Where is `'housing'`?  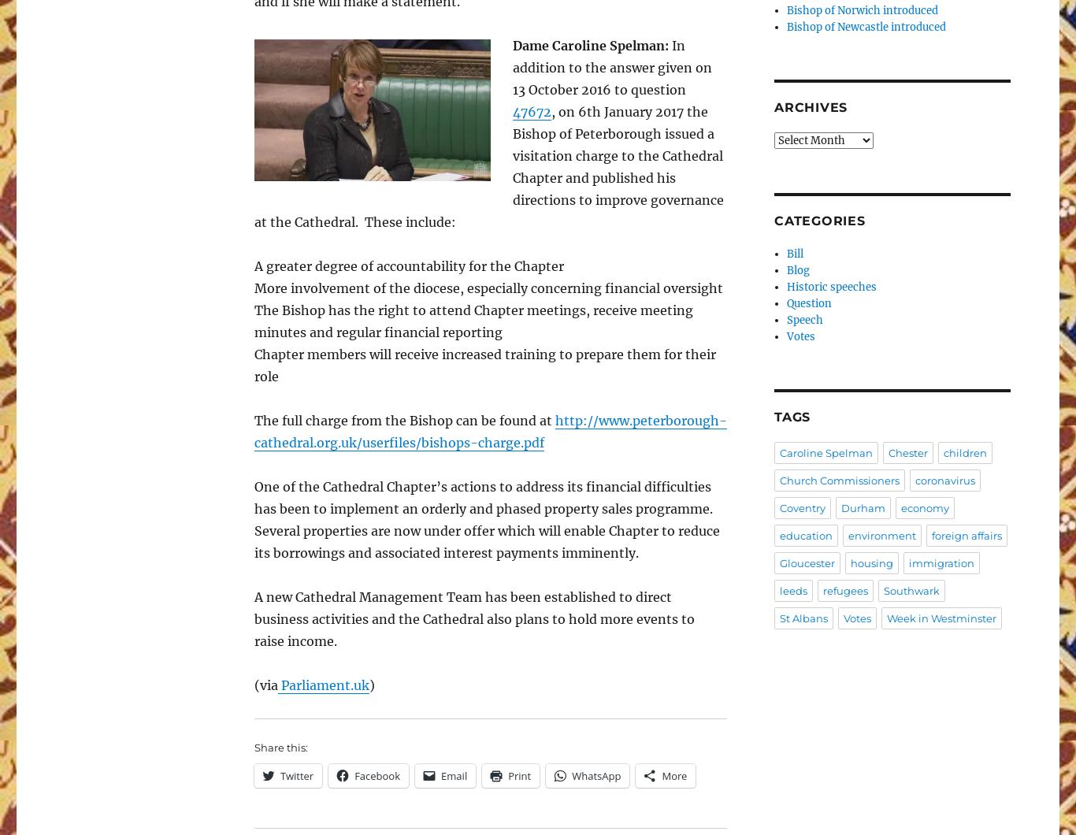
'housing' is located at coordinates (871, 562).